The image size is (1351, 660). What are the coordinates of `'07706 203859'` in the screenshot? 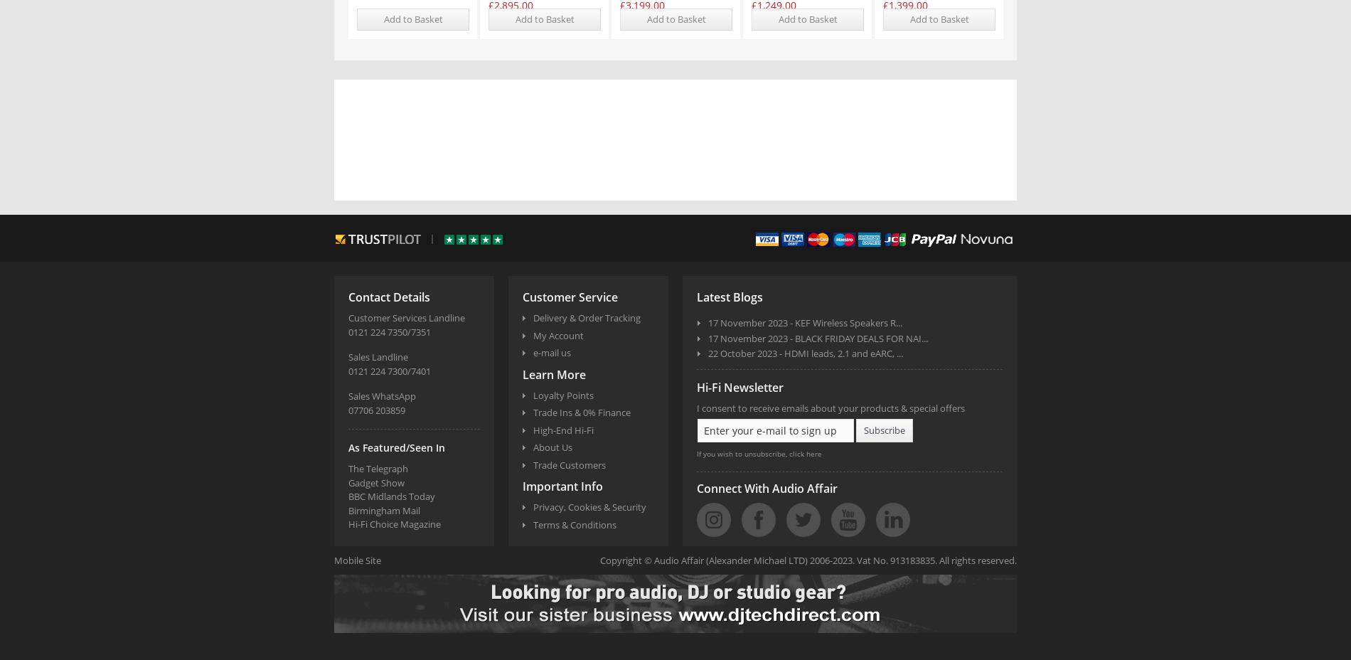 It's located at (376, 409).